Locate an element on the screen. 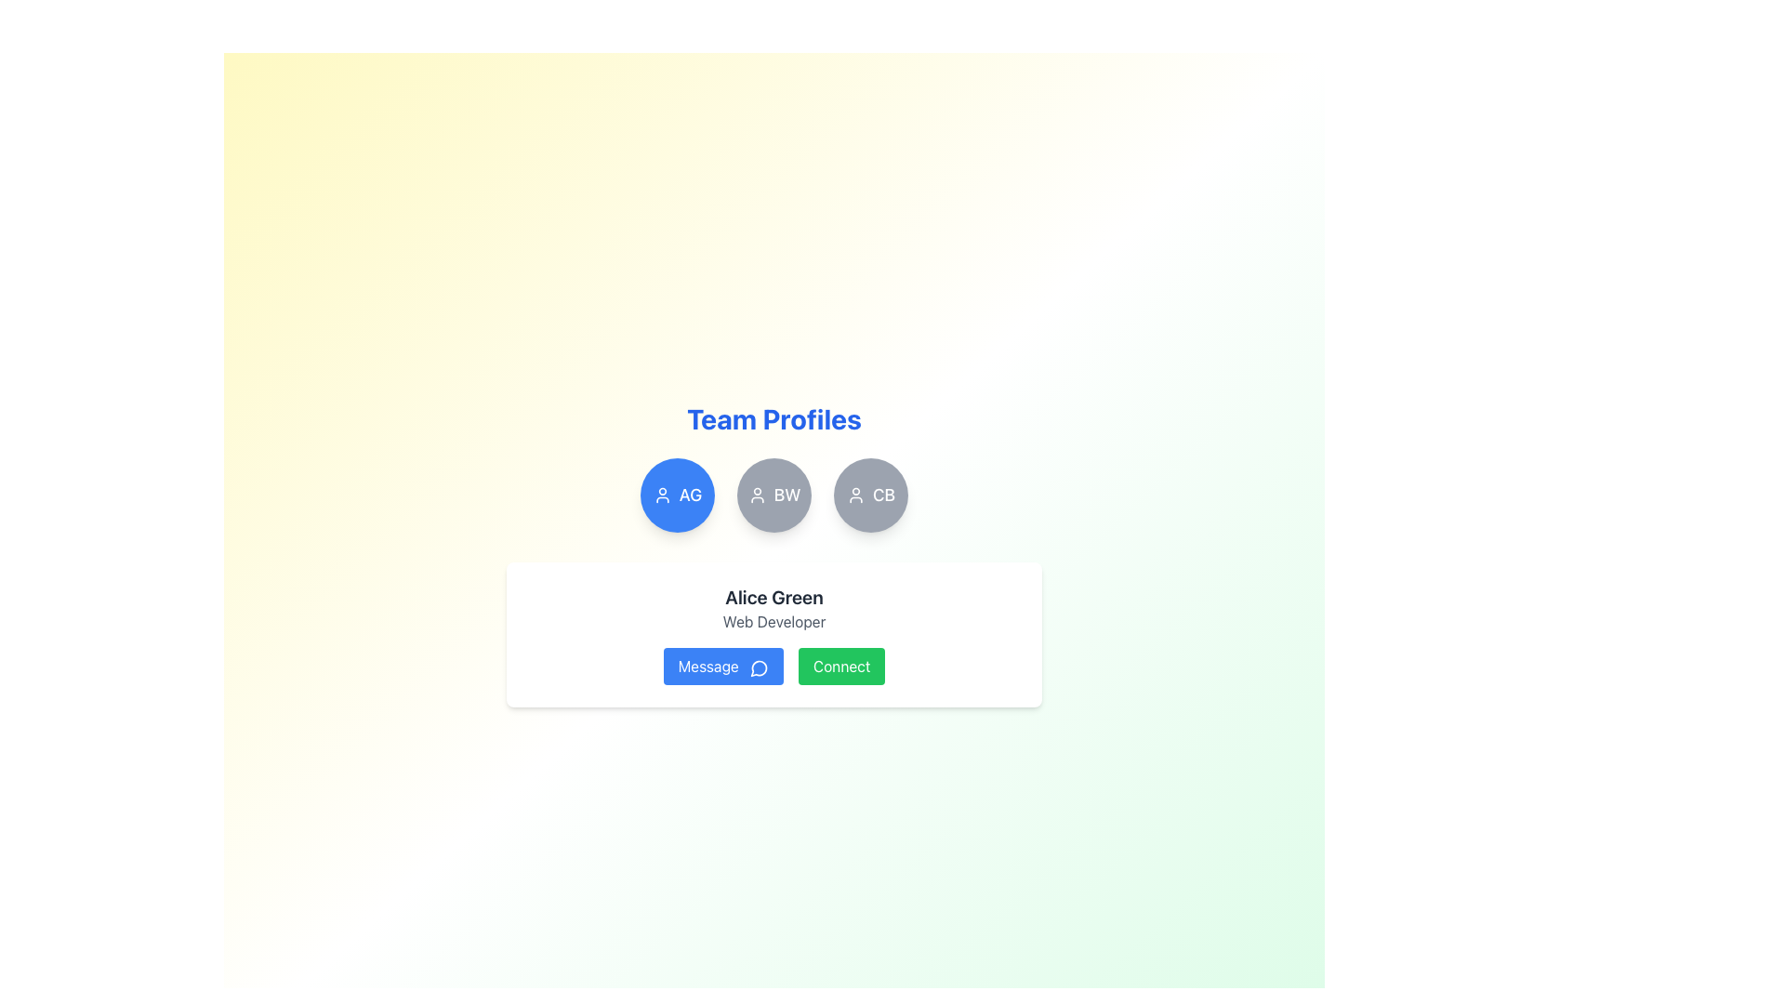  the button representing a user associated with the initials 'CB', located at the bottom-right corner of a horizontal row of three buttons is located at coordinates (869, 494).